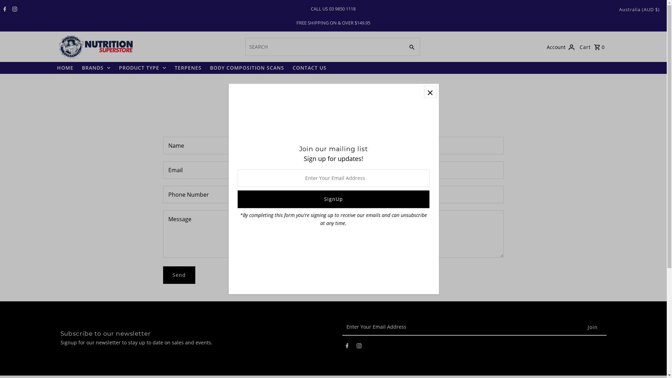  Describe the element at coordinates (332, 199) in the screenshot. I see `'SignUp'` at that location.